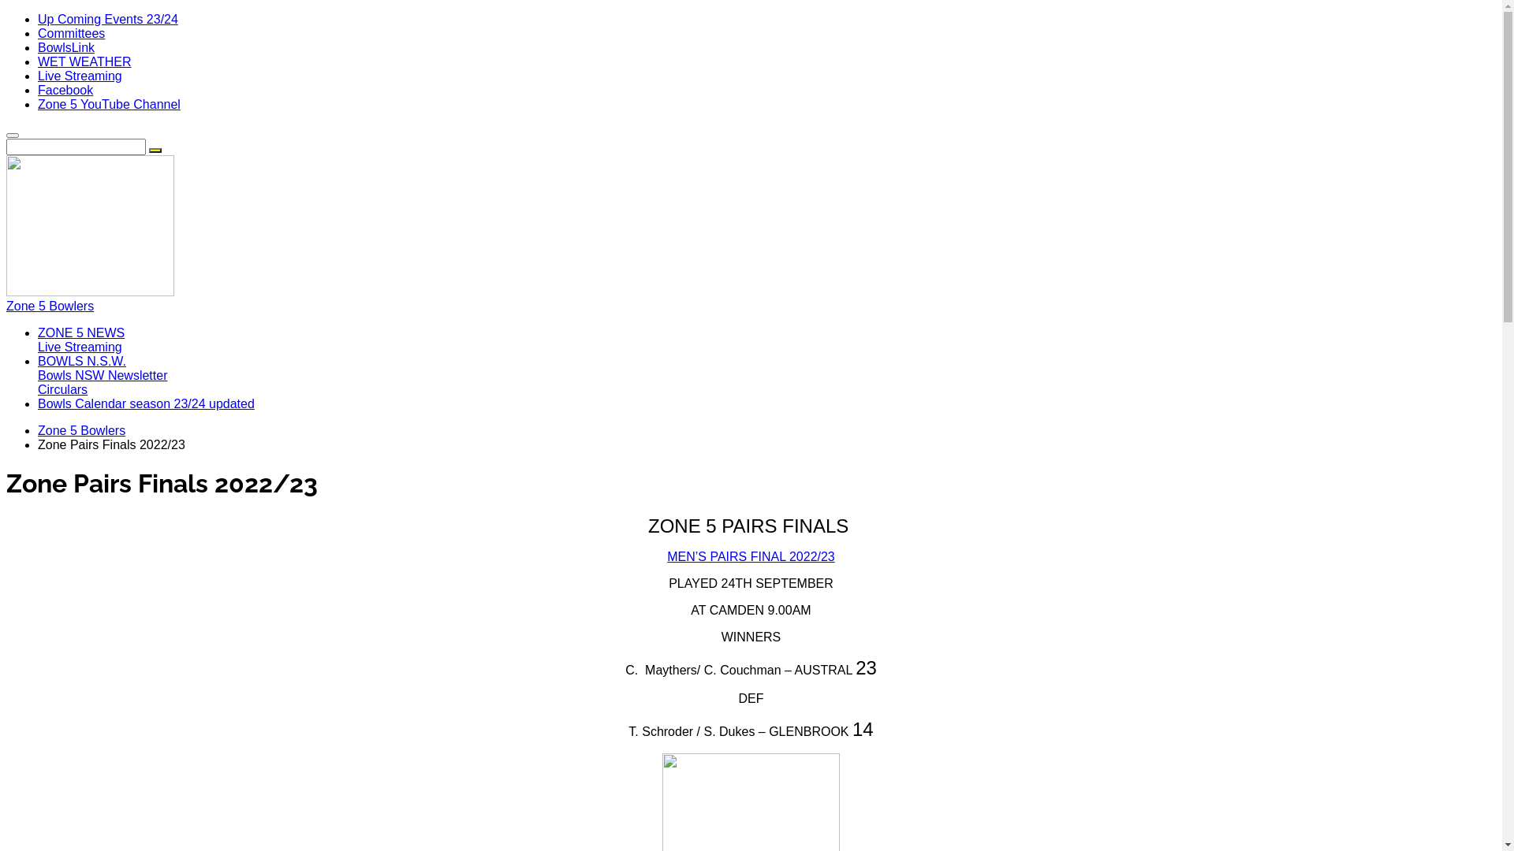  What do you see at coordinates (79, 346) in the screenshot?
I see `'Live Streaming'` at bounding box center [79, 346].